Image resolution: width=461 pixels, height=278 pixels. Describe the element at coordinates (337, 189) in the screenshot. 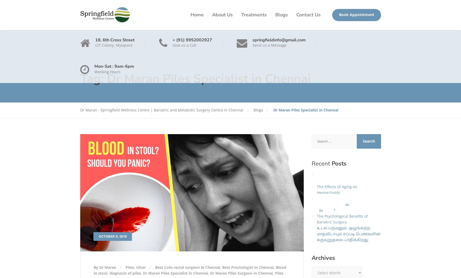

I see `'The Effects of Aging on Hemorrhoids'` at that location.